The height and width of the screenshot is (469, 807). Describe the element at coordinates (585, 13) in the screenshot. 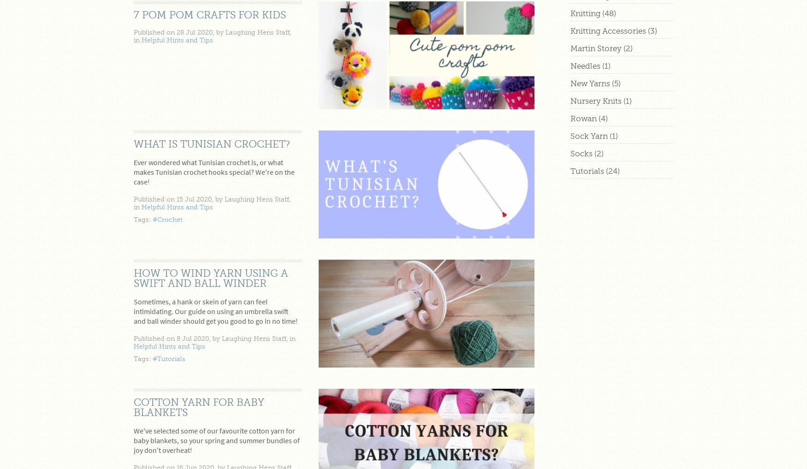

I see `'Knitting'` at that location.